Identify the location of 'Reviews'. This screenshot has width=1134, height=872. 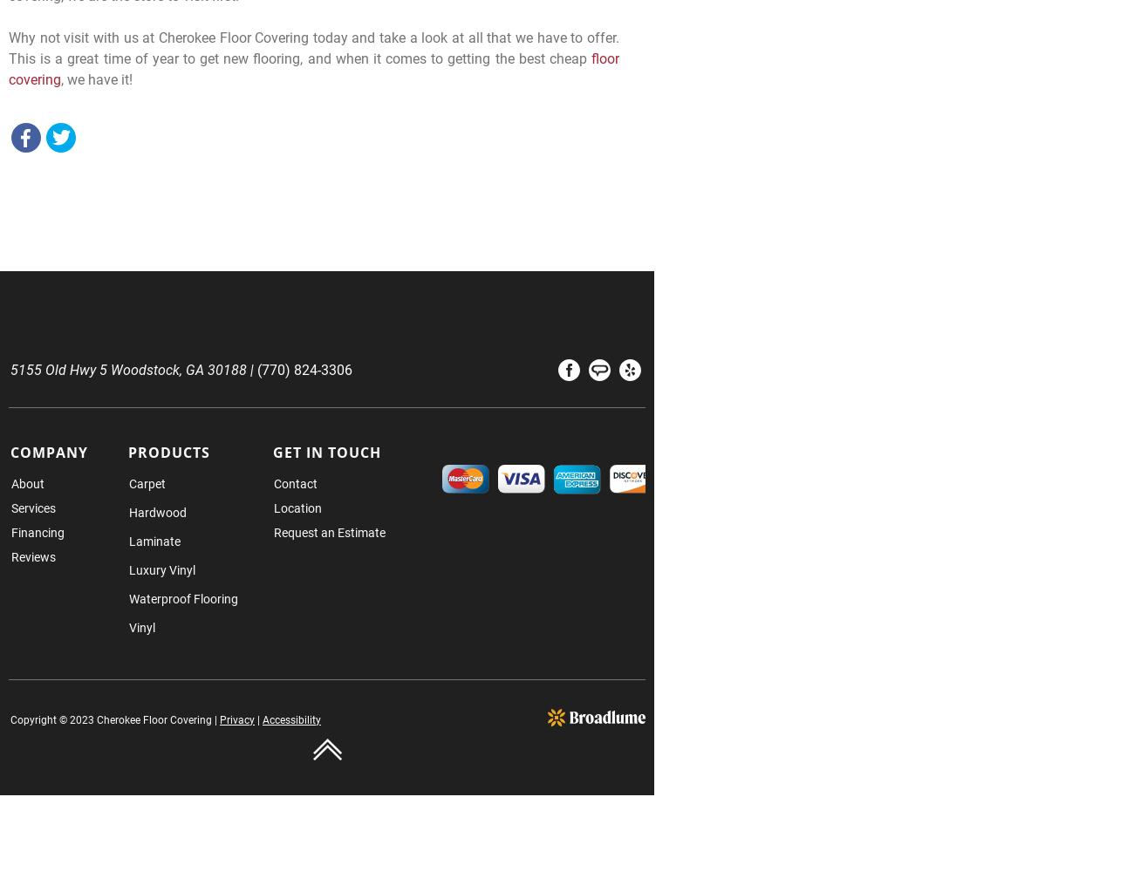
(32, 556).